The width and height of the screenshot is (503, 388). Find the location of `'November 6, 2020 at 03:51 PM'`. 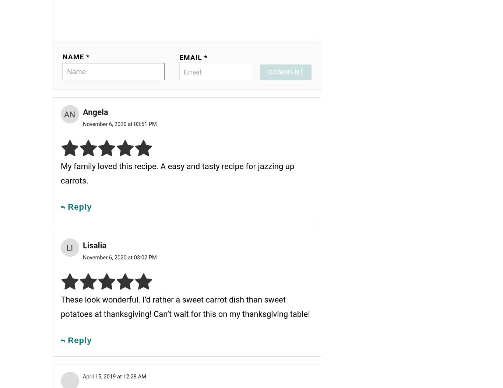

'November 6, 2020 at 03:51 PM' is located at coordinates (119, 123).